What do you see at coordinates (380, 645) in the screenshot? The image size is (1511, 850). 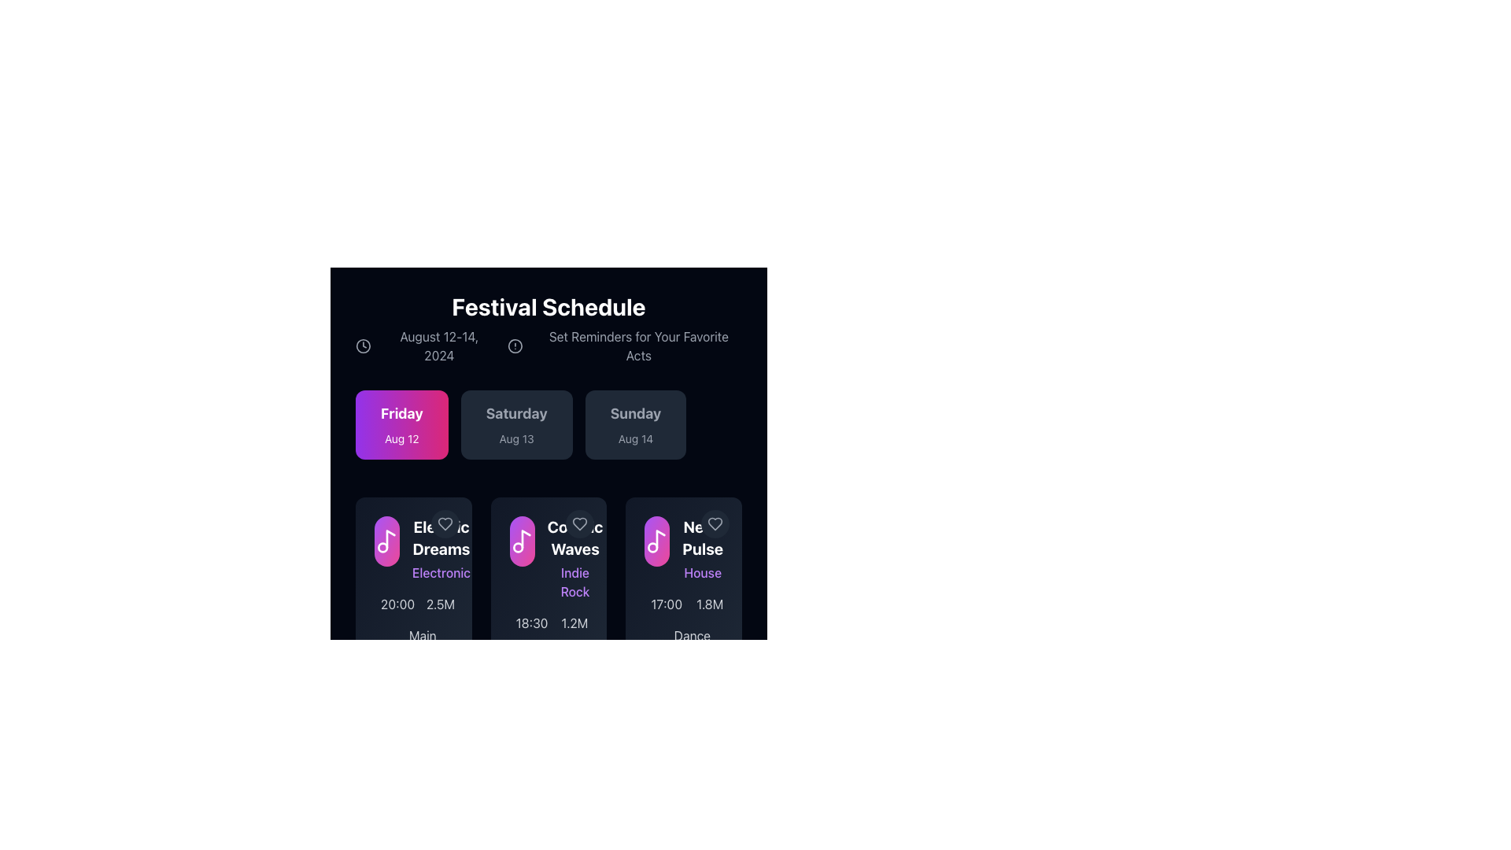 I see `the map pin icon styled as a light gray SVG, which is positioned to the left of the 'Main Stage' label` at bounding box center [380, 645].